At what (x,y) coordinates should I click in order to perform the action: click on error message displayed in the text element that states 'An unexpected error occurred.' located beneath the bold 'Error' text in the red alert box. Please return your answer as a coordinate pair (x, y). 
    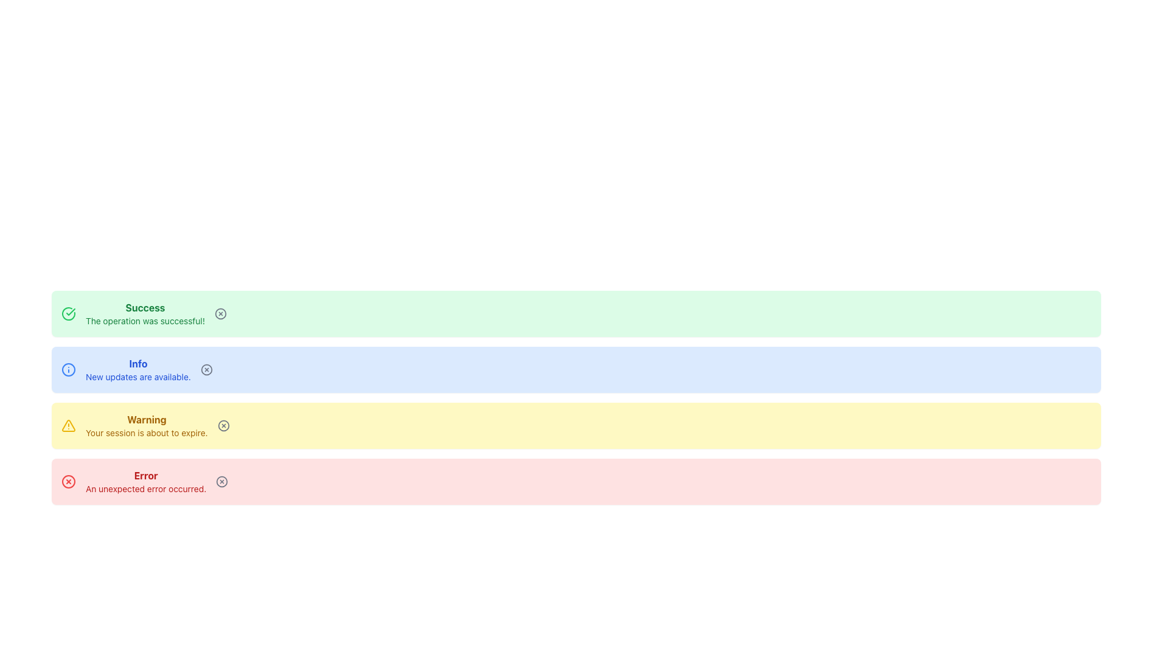
    Looking at the image, I should click on (146, 488).